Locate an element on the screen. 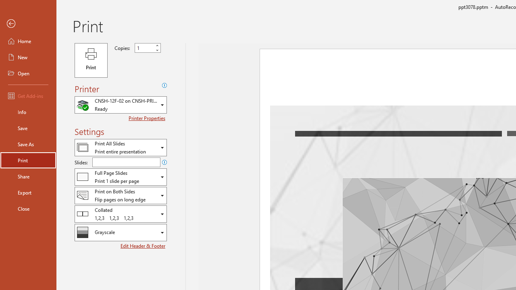  'Get Add-ins' is located at coordinates (28, 95).